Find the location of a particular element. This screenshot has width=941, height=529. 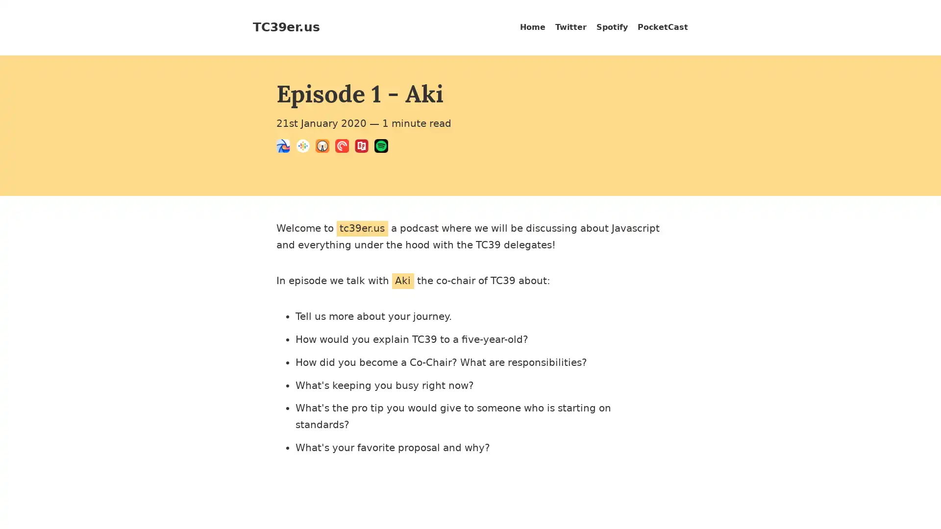

Overcast Logo is located at coordinates (325, 147).